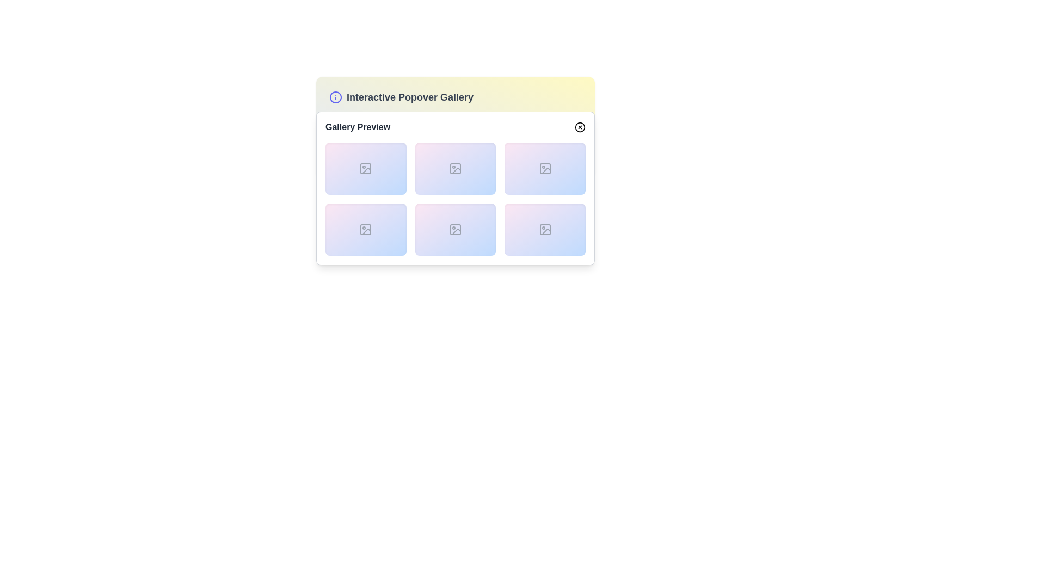 The width and height of the screenshot is (1045, 588). Describe the element at coordinates (455, 229) in the screenshot. I see `the Icon in the second row, third column of the 'Gallery Preview' popover, which serves as a placeholder for an image or visual content` at that location.